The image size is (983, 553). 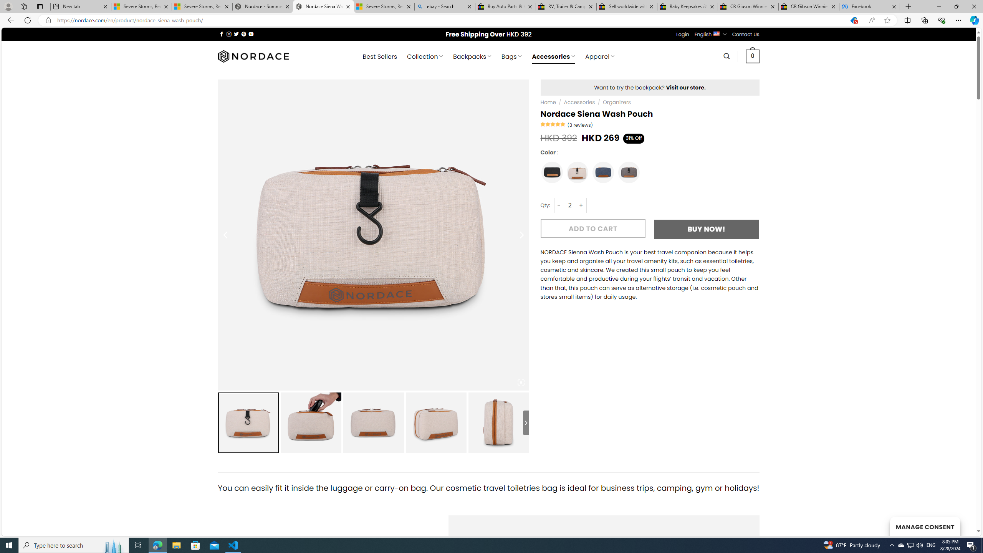 What do you see at coordinates (236, 34) in the screenshot?
I see `'Follow on Twitter'` at bounding box center [236, 34].